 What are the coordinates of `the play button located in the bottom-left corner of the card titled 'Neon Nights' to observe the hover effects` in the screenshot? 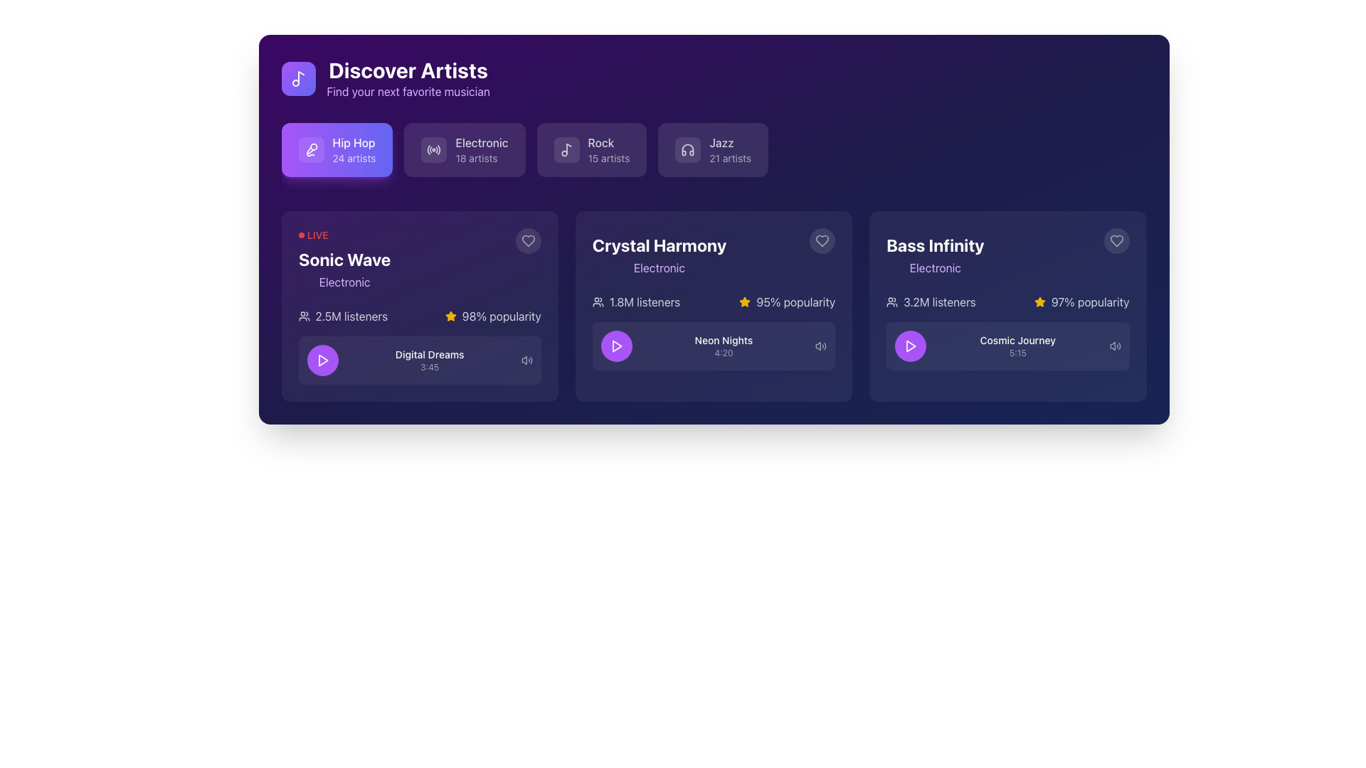 It's located at (616, 346).